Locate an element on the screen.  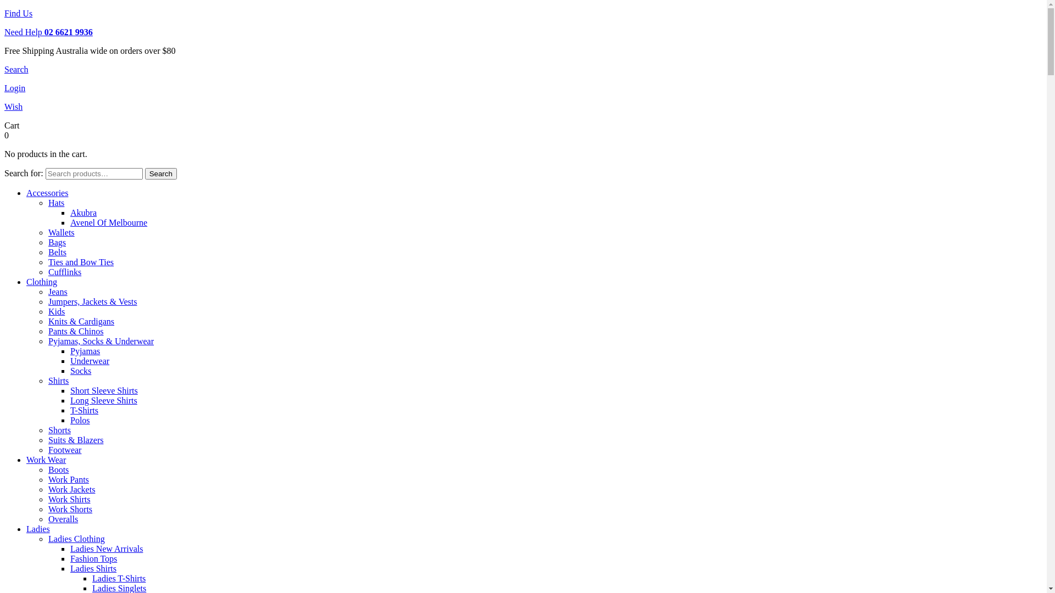
'Shirts' is located at coordinates (47, 380).